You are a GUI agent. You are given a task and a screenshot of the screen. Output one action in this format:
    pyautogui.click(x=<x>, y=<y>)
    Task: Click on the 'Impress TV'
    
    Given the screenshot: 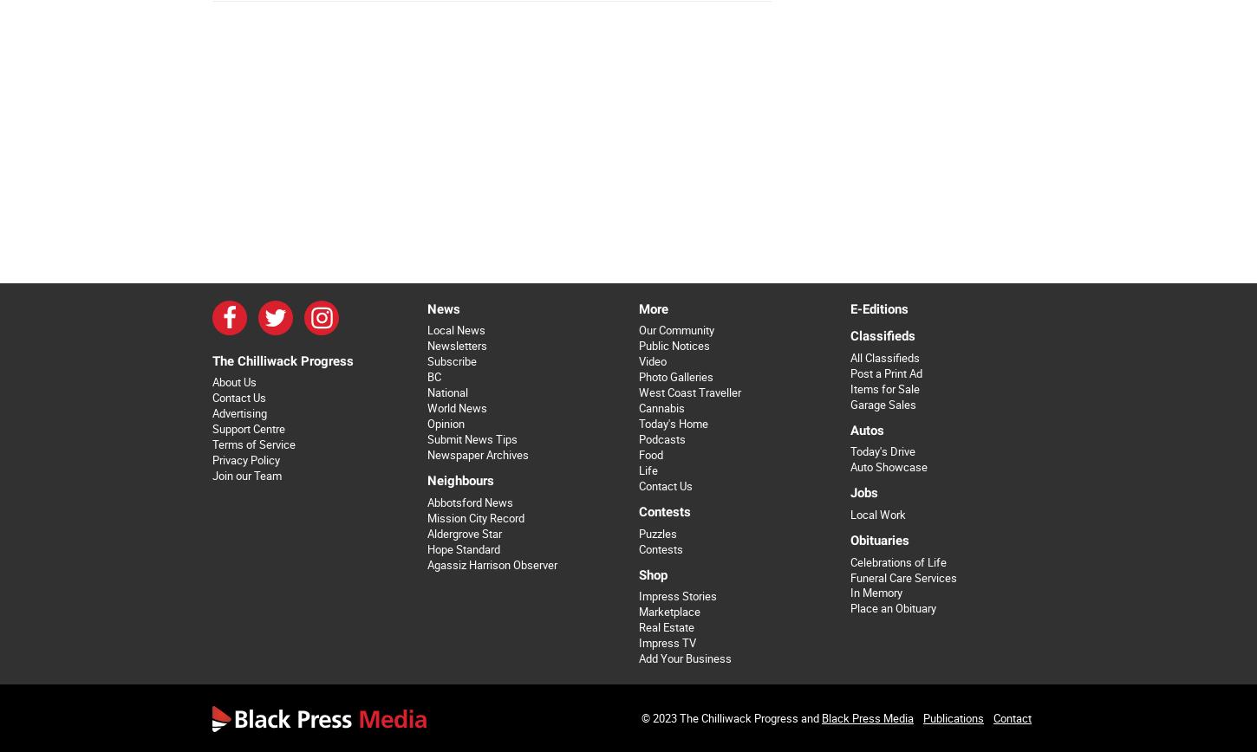 What is the action you would take?
    pyautogui.click(x=666, y=643)
    